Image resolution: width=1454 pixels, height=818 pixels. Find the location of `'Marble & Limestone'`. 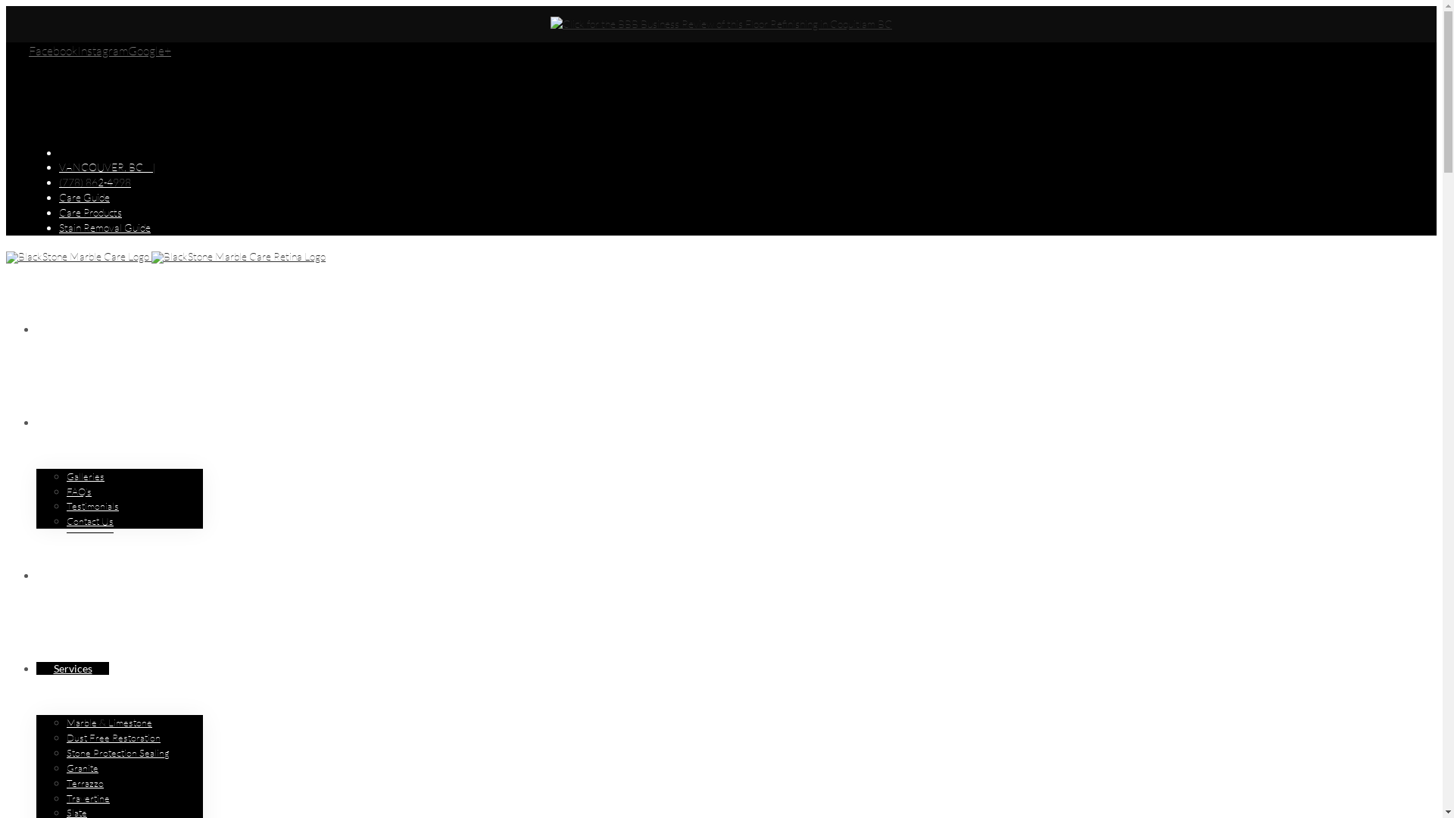

'Marble & Limestone' is located at coordinates (108, 722).